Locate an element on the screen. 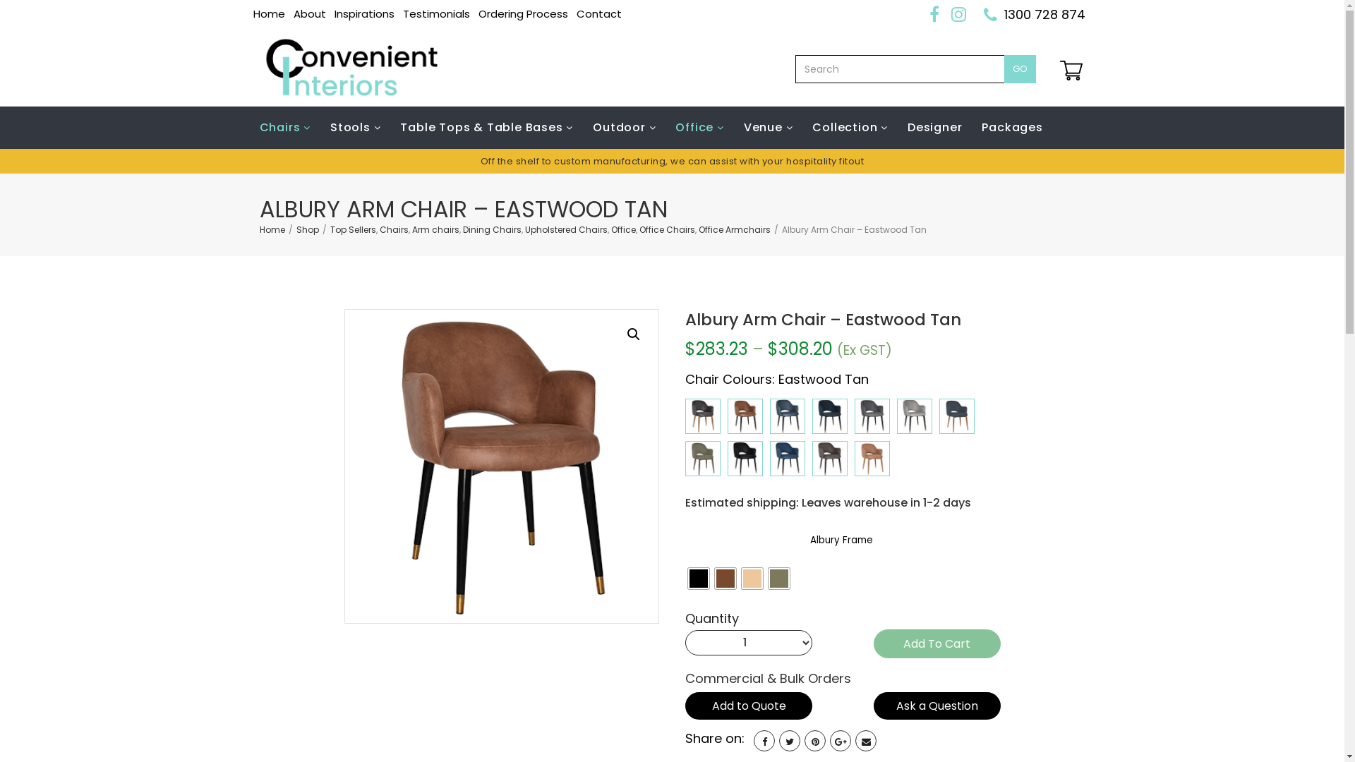 The width and height of the screenshot is (1355, 762). 'Metal(Slim)black Brass Caps' is located at coordinates (778, 579).